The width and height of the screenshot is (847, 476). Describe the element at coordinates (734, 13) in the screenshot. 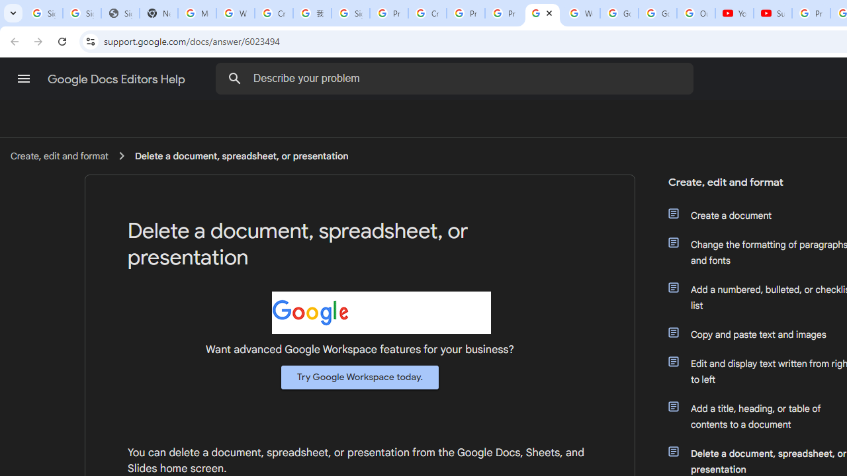

I see `'YouTube'` at that location.